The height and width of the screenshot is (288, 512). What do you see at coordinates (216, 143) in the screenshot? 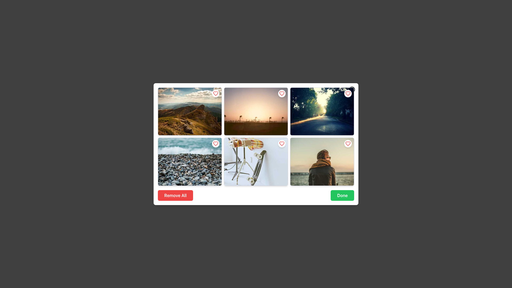
I see `the circular button with a white background and a red heart icon located in the top-right corner of the image tile at the bottom-left of the grid containing six images` at bounding box center [216, 143].